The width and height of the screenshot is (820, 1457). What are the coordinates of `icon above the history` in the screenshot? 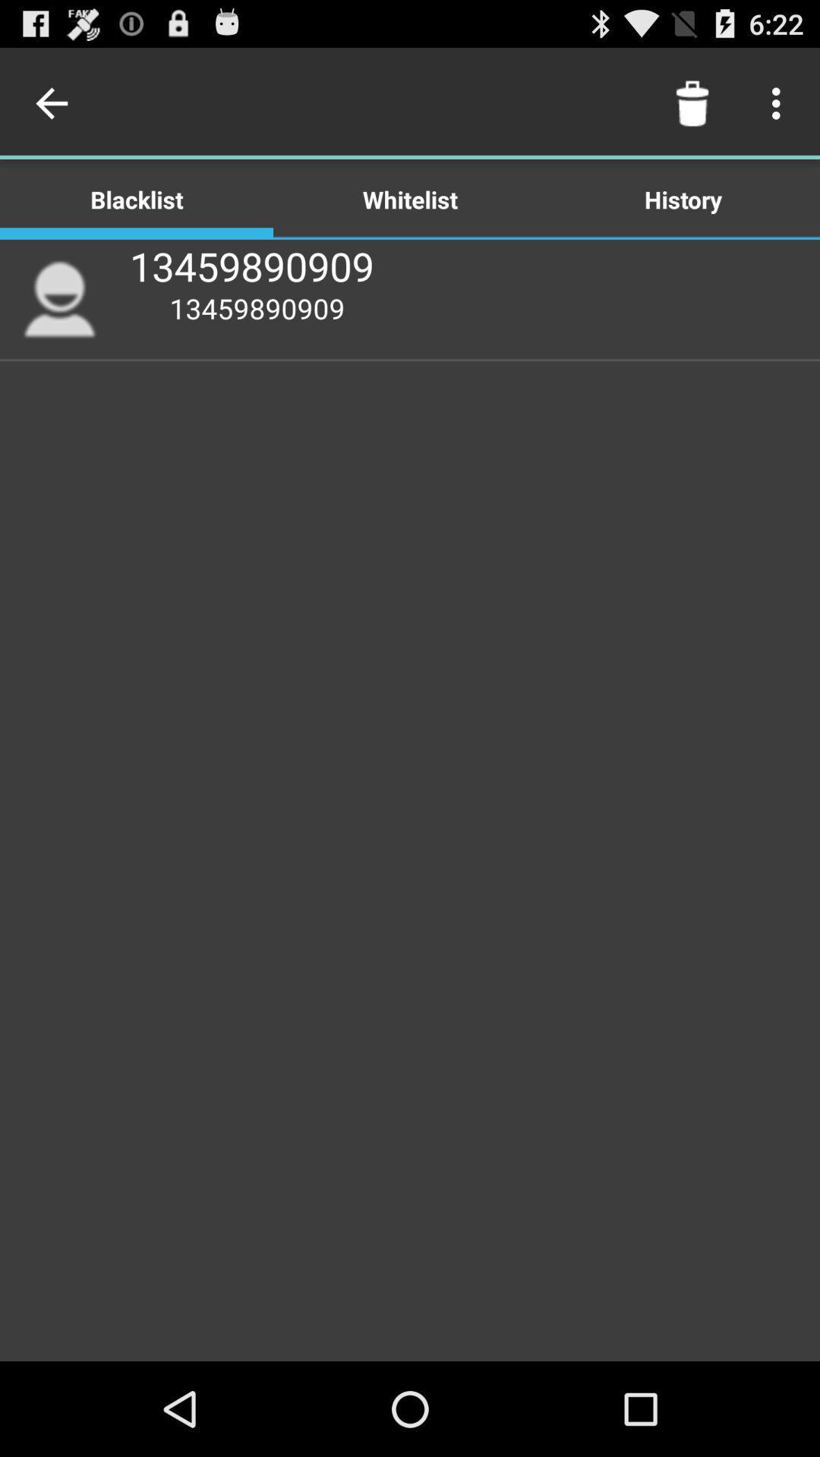 It's located at (692, 102).